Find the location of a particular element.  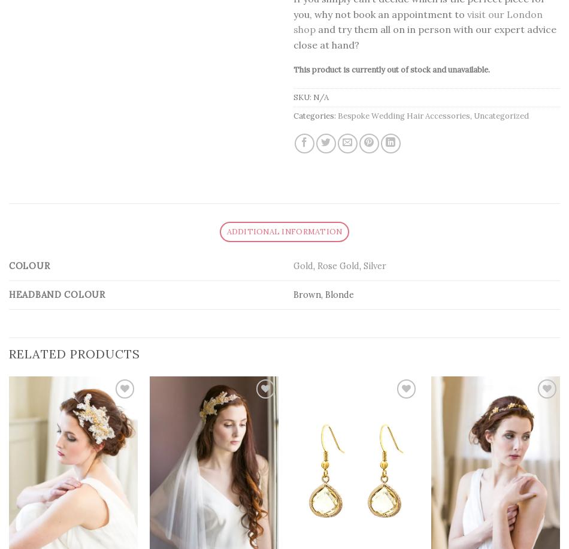

'Uncategorized' is located at coordinates (501, 115).